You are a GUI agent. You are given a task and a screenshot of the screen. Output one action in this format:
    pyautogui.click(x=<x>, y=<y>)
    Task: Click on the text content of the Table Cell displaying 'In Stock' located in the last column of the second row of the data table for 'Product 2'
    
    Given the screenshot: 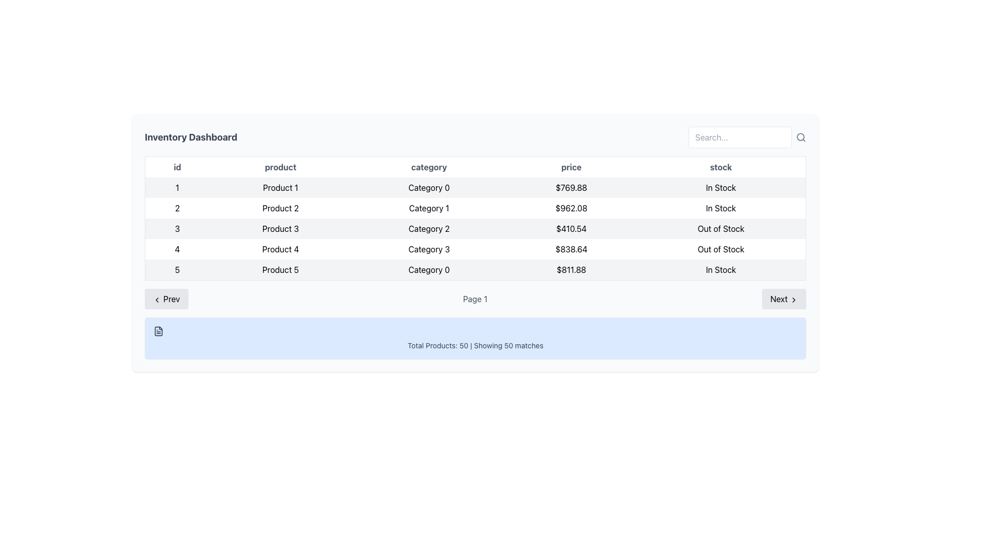 What is the action you would take?
    pyautogui.click(x=720, y=208)
    